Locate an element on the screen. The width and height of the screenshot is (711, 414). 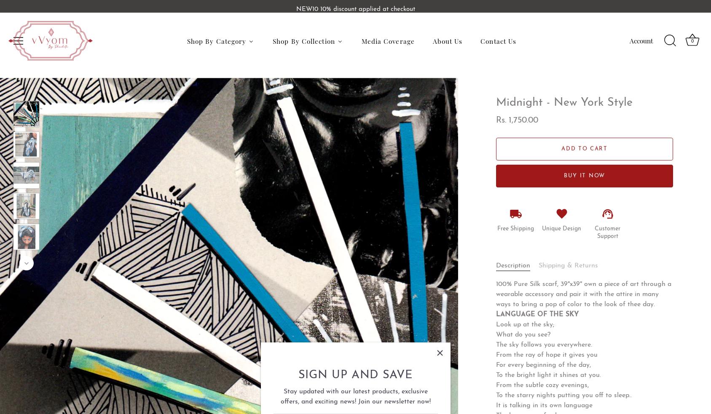
'LANGUAGE OF THE SKY' is located at coordinates (537, 314).